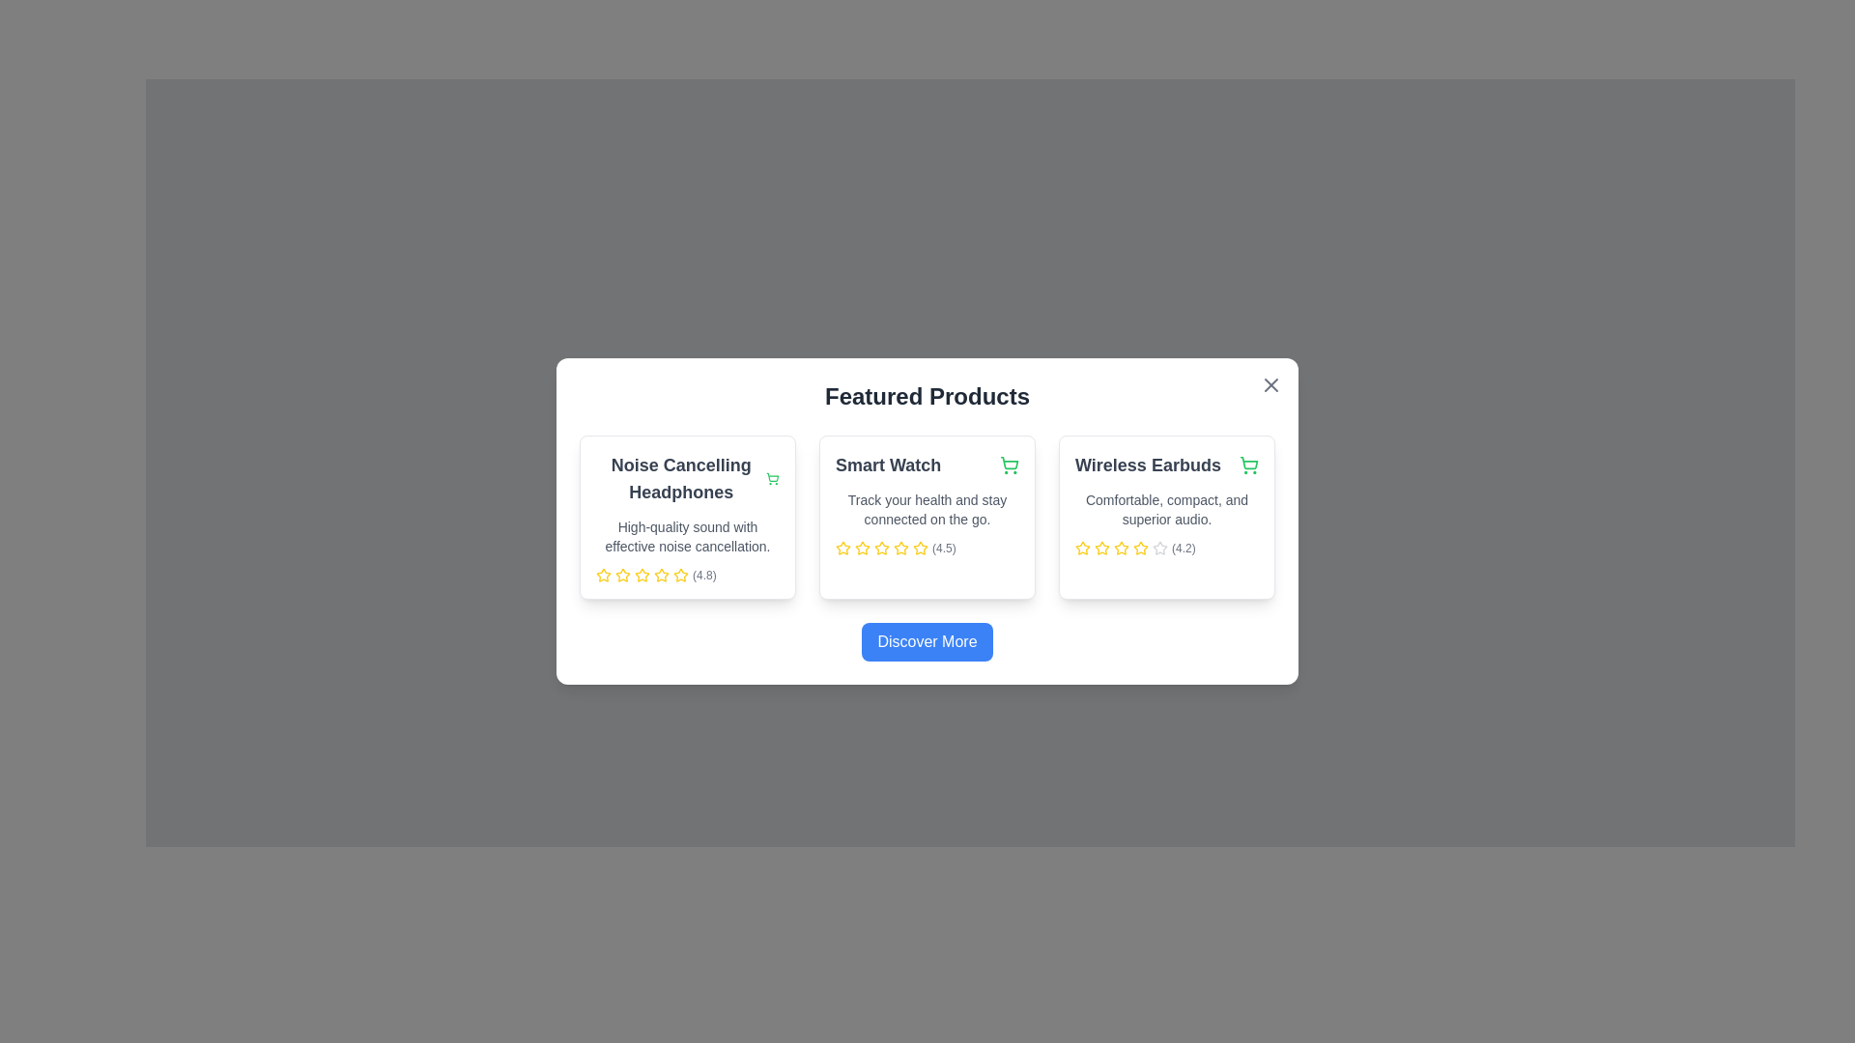  What do you see at coordinates (1083, 548) in the screenshot?
I see `the first star-shaped rating icon in the 'Wireless Earbuds' panel, which is yellow-filled and outlined, located directly below its description text` at bounding box center [1083, 548].